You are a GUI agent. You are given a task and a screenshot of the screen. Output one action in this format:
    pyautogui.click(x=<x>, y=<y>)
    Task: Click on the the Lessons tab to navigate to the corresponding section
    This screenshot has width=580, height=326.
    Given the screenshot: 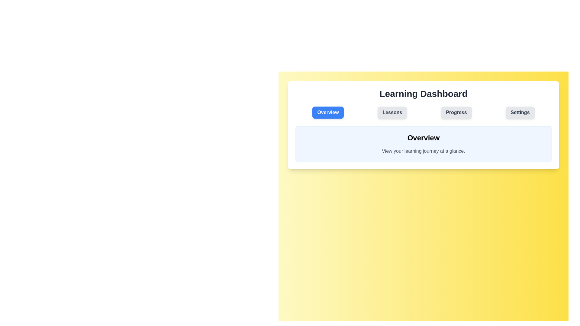 What is the action you would take?
    pyautogui.click(x=392, y=113)
    